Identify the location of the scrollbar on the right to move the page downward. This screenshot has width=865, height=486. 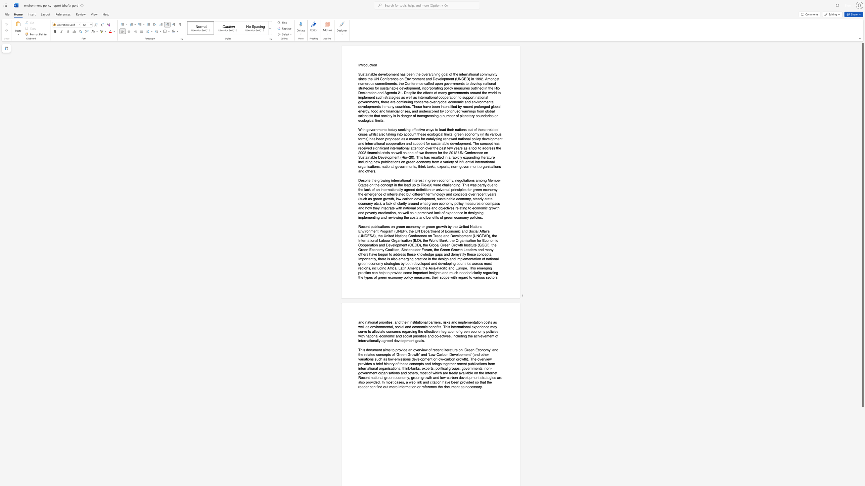
(862, 414).